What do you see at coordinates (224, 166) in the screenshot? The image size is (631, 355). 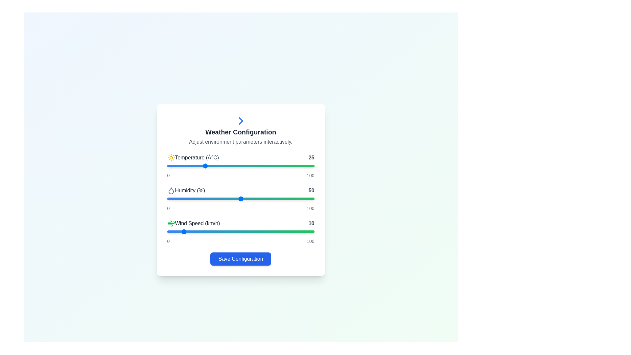 I see `slider value` at bounding box center [224, 166].